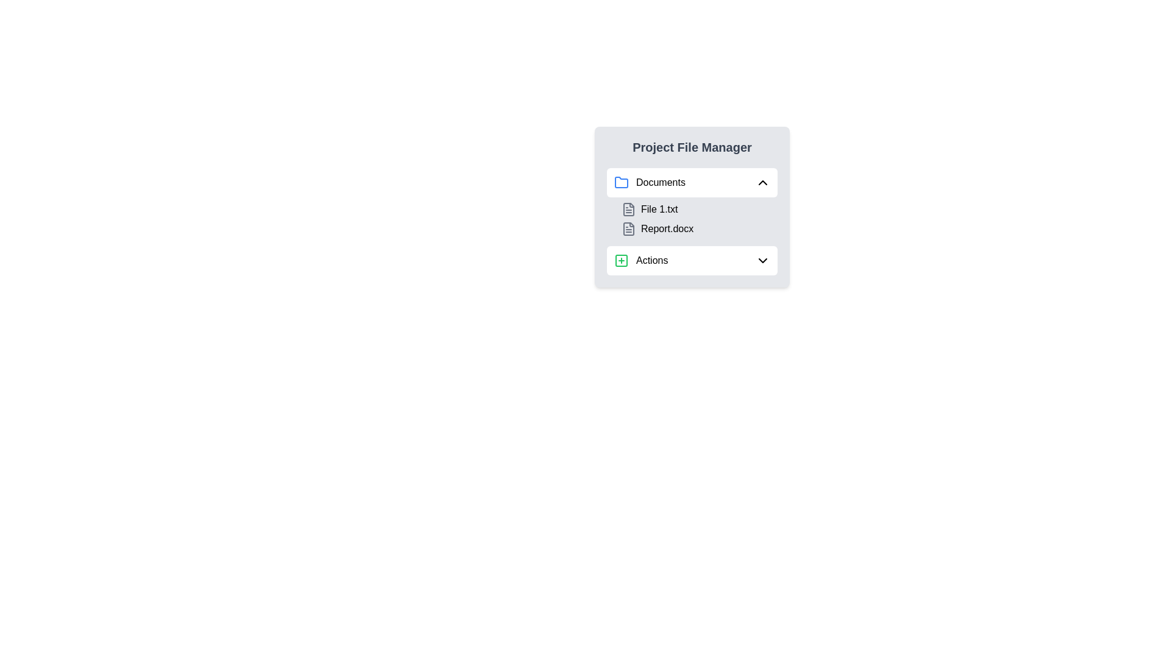  Describe the element at coordinates (621, 260) in the screenshot. I see `the small, light-colored square with rounded corners within the 'Actions' dropdown icon in the lower section of the 'Project File Manager' panel` at that location.